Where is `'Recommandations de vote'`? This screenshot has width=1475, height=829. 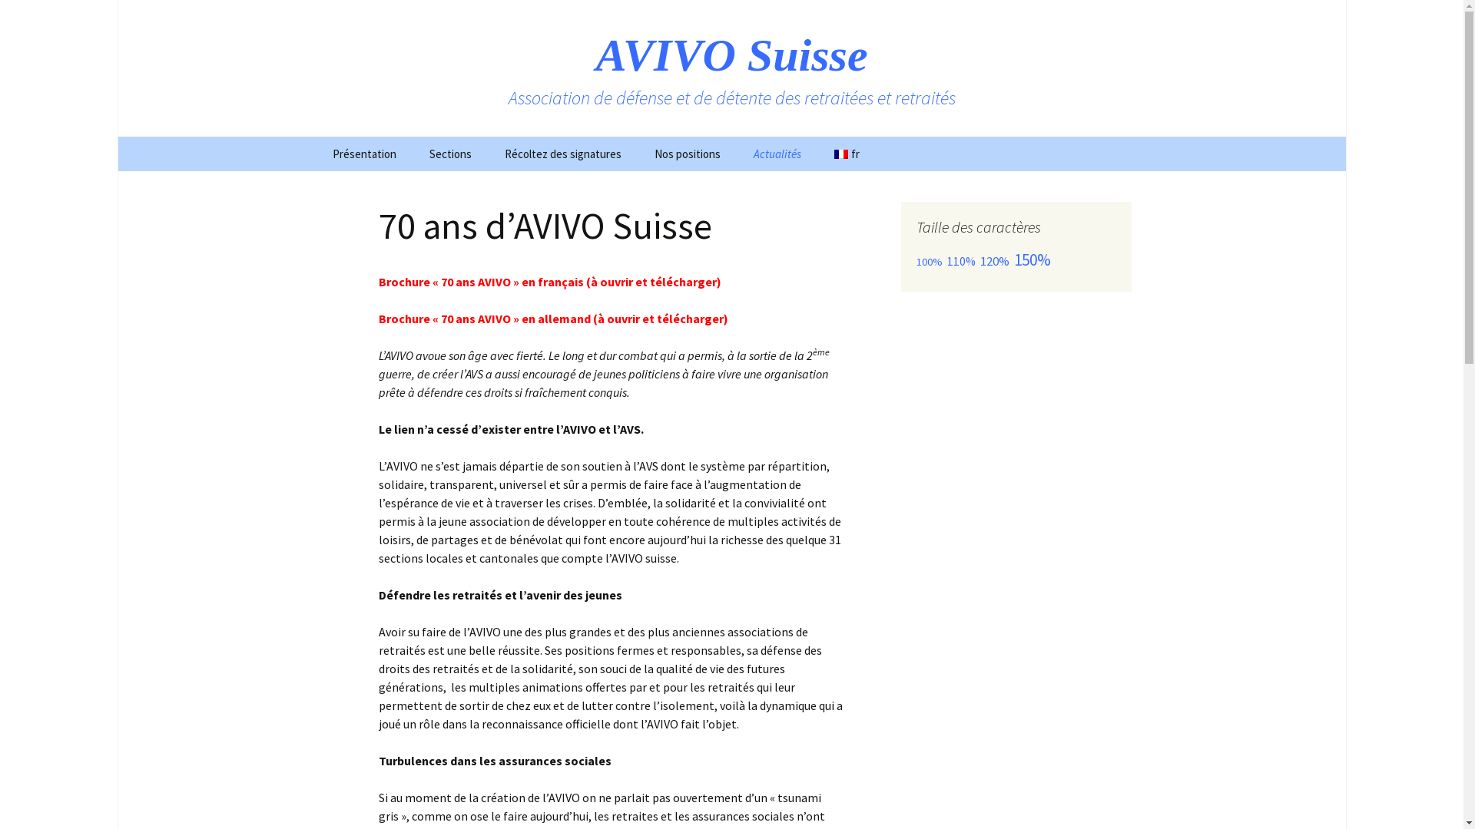
'Recommandations de vote' is located at coordinates (714, 193).